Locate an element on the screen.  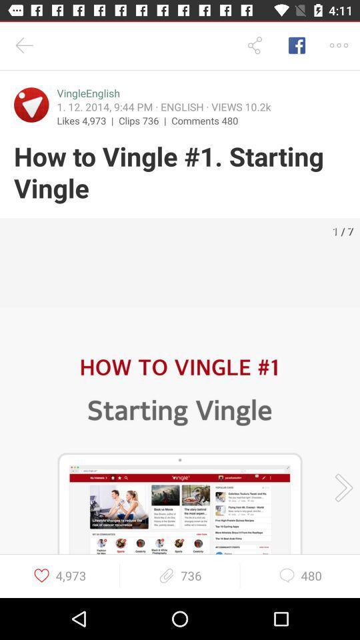
the item next to the comments 480 is located at coordinates (144, 119).